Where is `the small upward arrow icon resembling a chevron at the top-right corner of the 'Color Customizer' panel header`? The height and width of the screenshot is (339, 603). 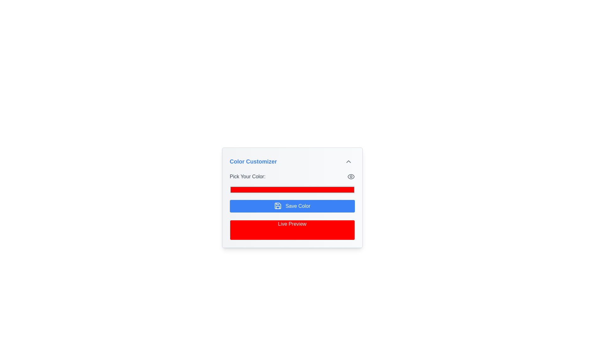
the small upward arrow icon resembling a chevron at the top-right corner of the 'Color Customizer' panel header is located at coordinates (348, 161).